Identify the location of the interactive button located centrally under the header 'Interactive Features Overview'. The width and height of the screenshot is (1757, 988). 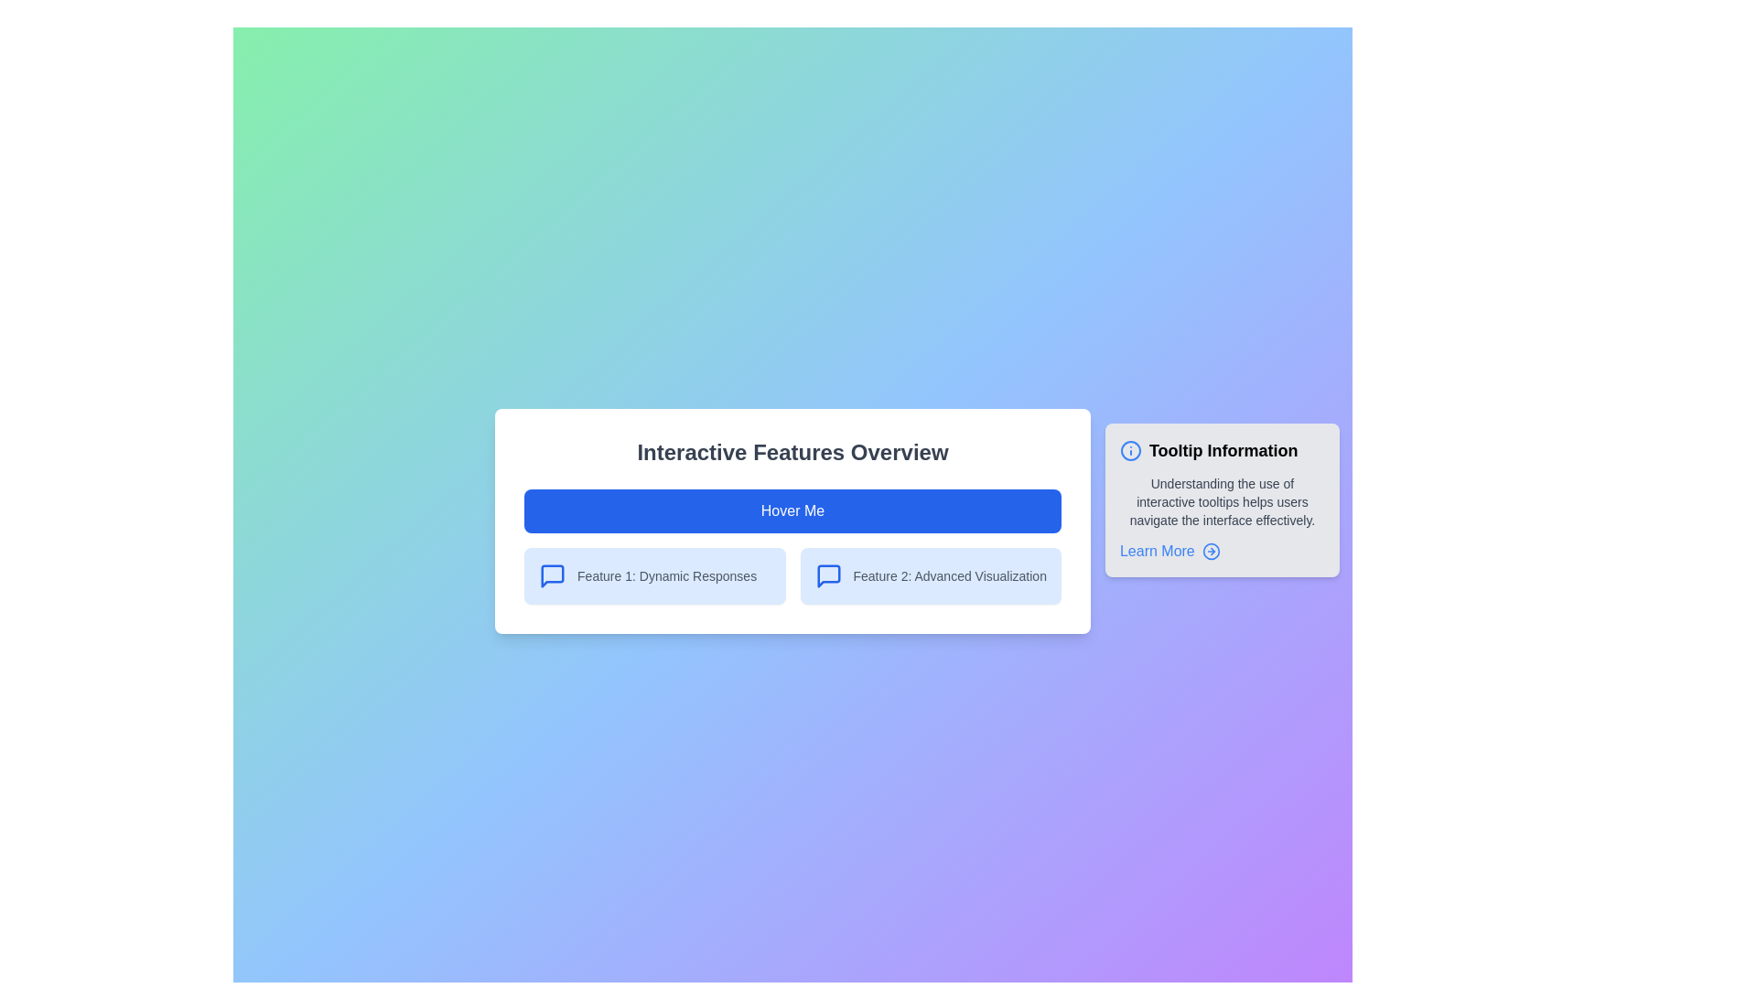
(792, 545).